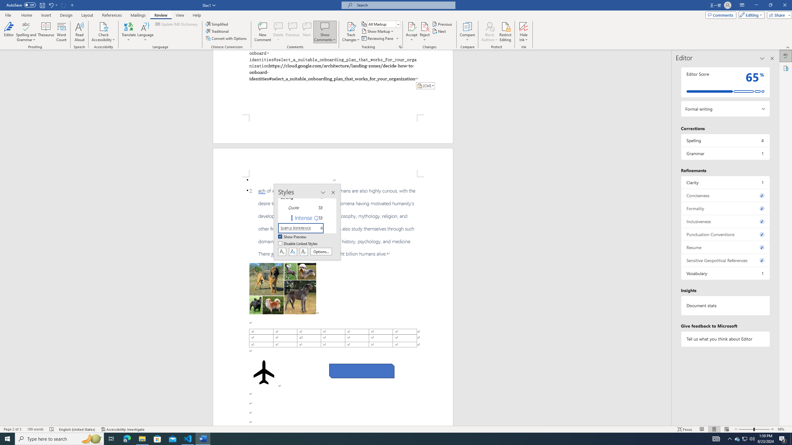 The height and width of the screenshot is (445, 792). Describe the element at coordinates (227, 38) in the screenshot. I see `'Convert with Options...'` at that location.